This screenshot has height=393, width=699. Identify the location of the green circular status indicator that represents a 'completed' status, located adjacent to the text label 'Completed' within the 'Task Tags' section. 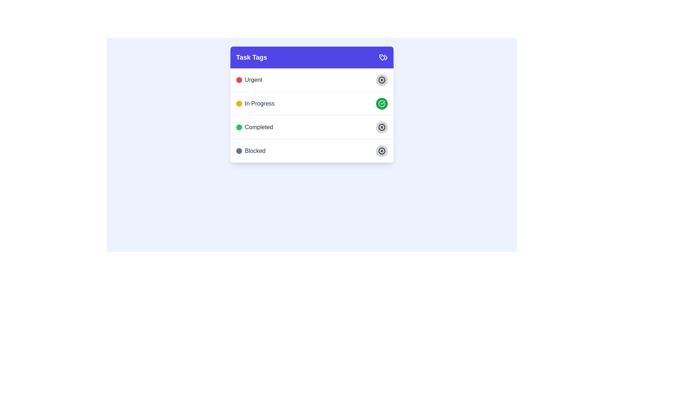
(239, 127).